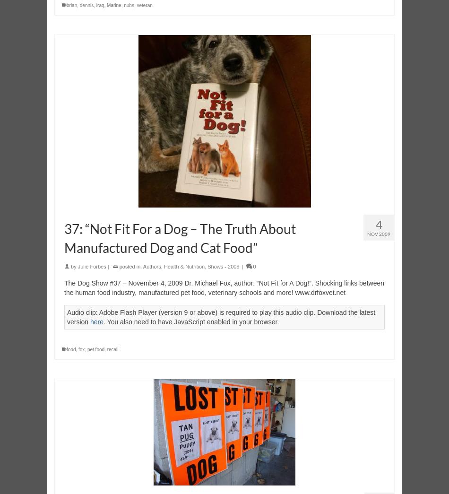 The image size is (449, 494). What do you see at coordinates (113, 5) in the screenshot?
I see `'Marine'` at bounding box center [113, 5].